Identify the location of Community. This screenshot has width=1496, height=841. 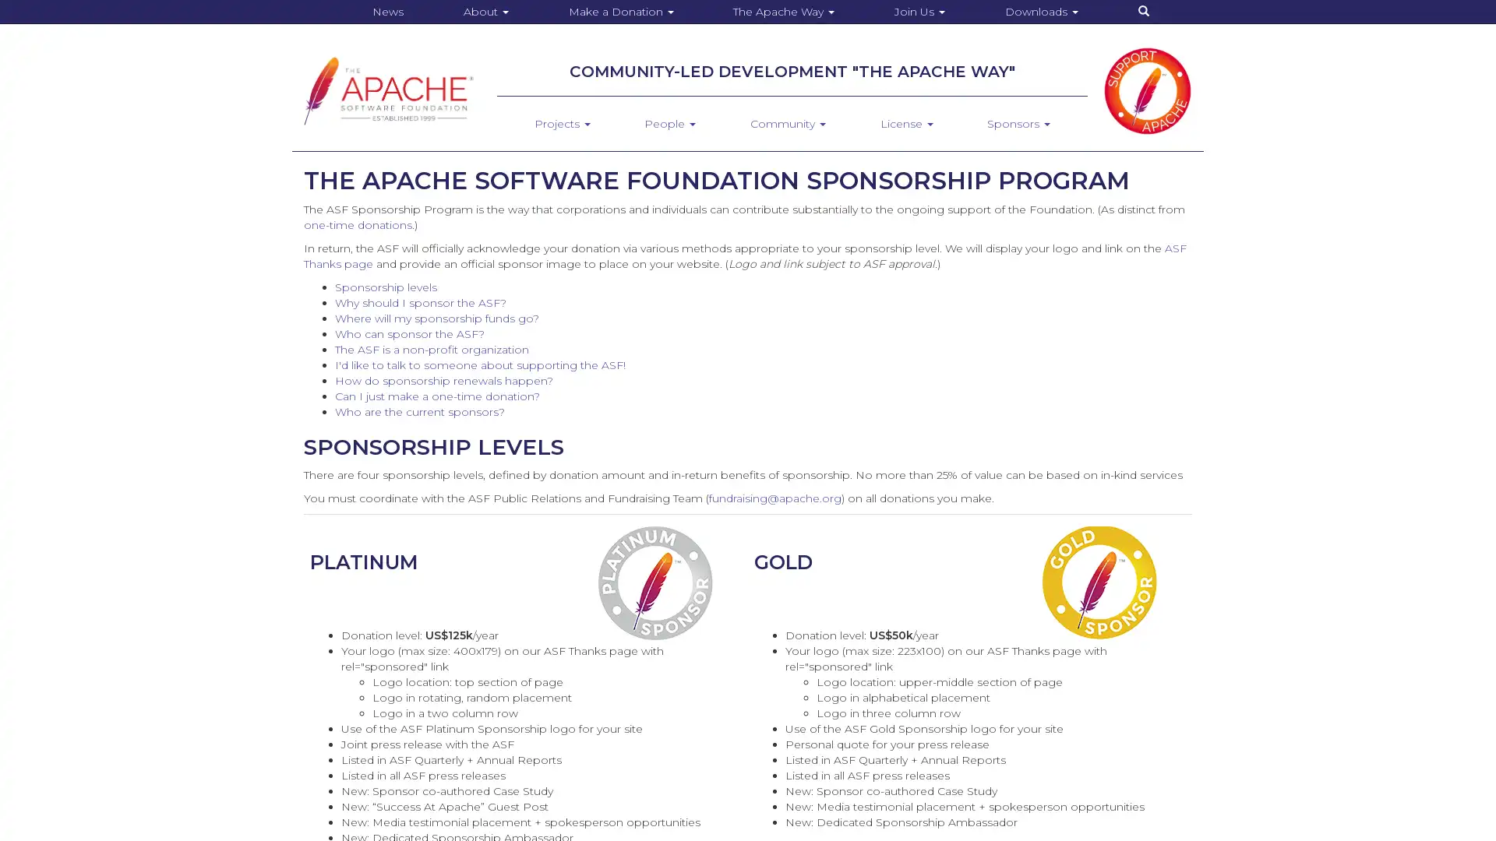
(787, 122).